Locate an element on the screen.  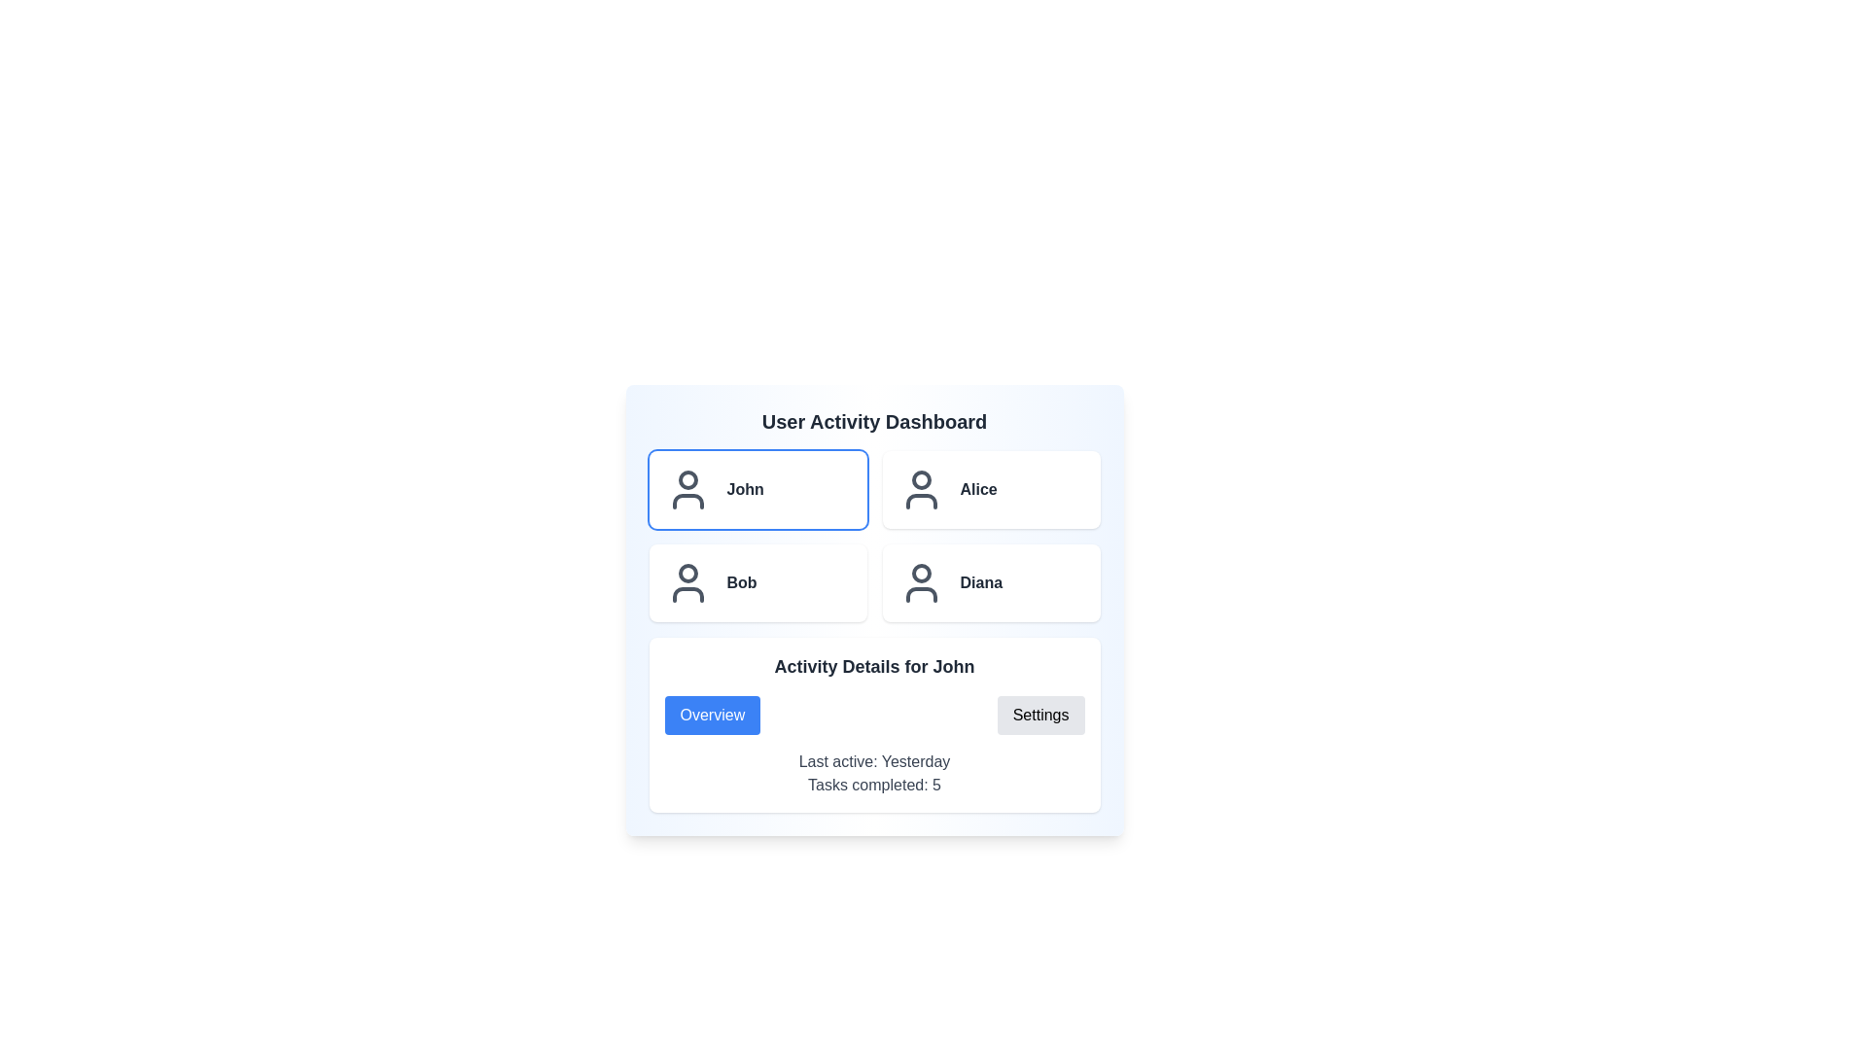
the user icon representing 'Bob' located within the card labeled 'Bob' in the 'User Activity Dashboard' is located at coordinates (687, 582).